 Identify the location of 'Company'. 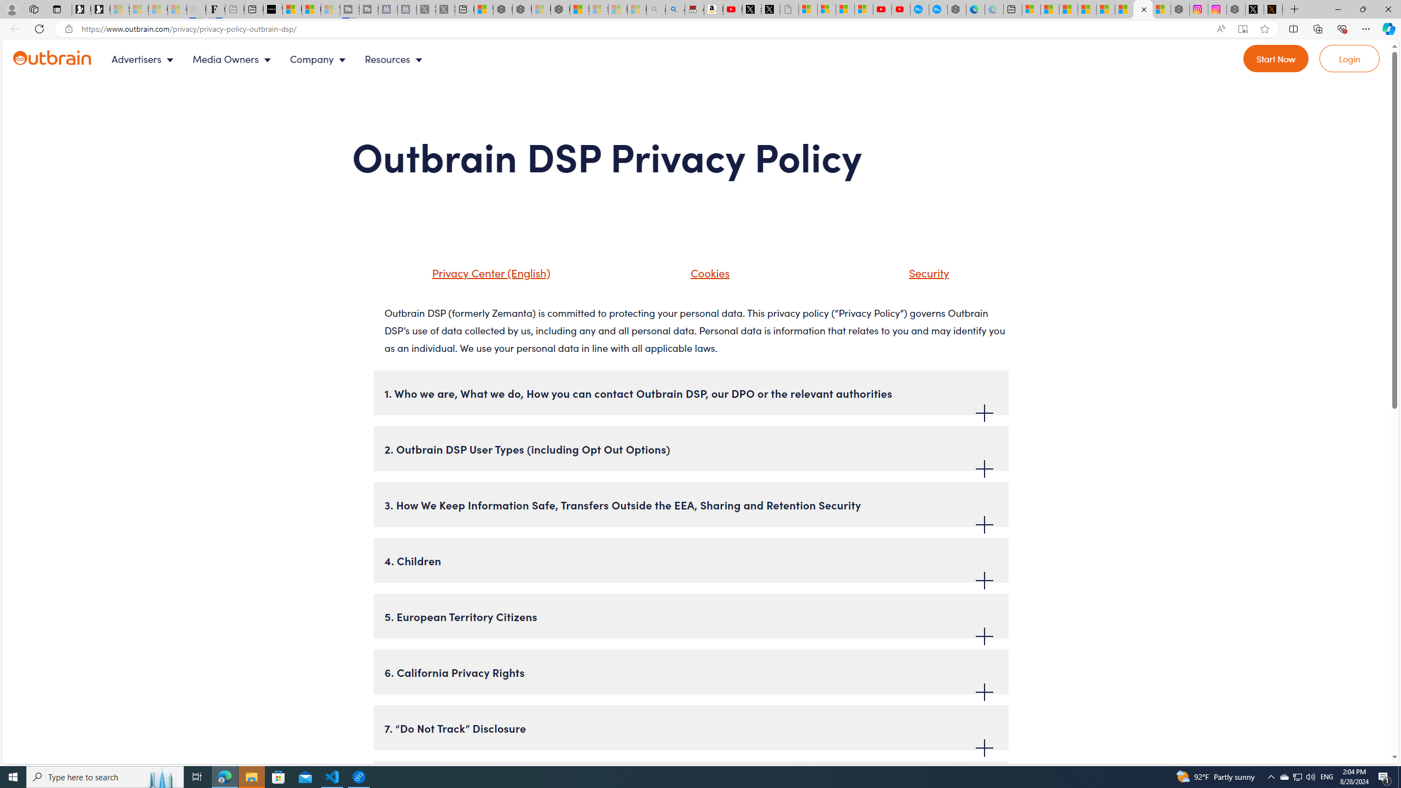
(321, 59).